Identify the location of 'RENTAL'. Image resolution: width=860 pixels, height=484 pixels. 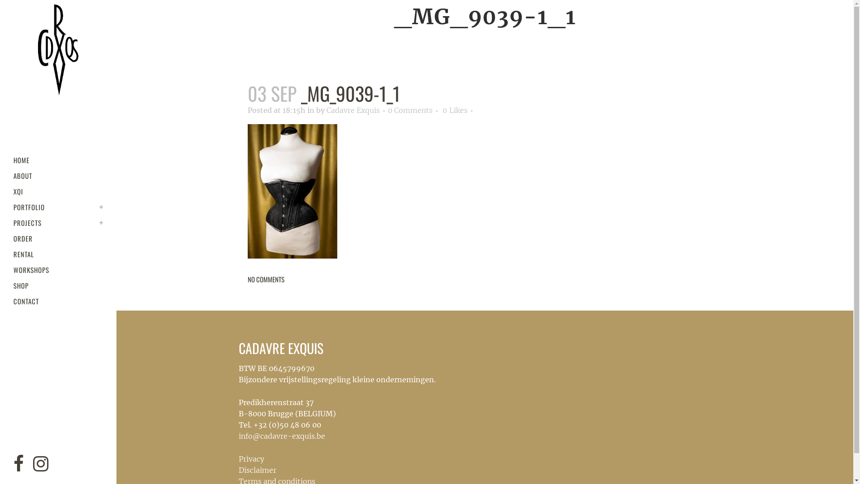
(57, 254).